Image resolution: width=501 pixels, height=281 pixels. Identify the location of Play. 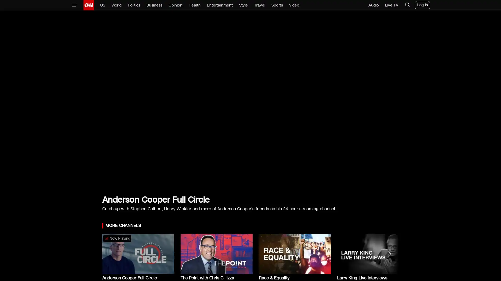
(250, 104).